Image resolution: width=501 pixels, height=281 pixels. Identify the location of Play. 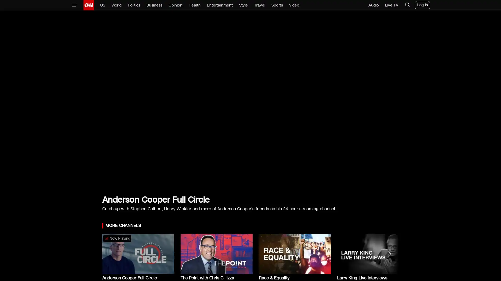
(250, 104).